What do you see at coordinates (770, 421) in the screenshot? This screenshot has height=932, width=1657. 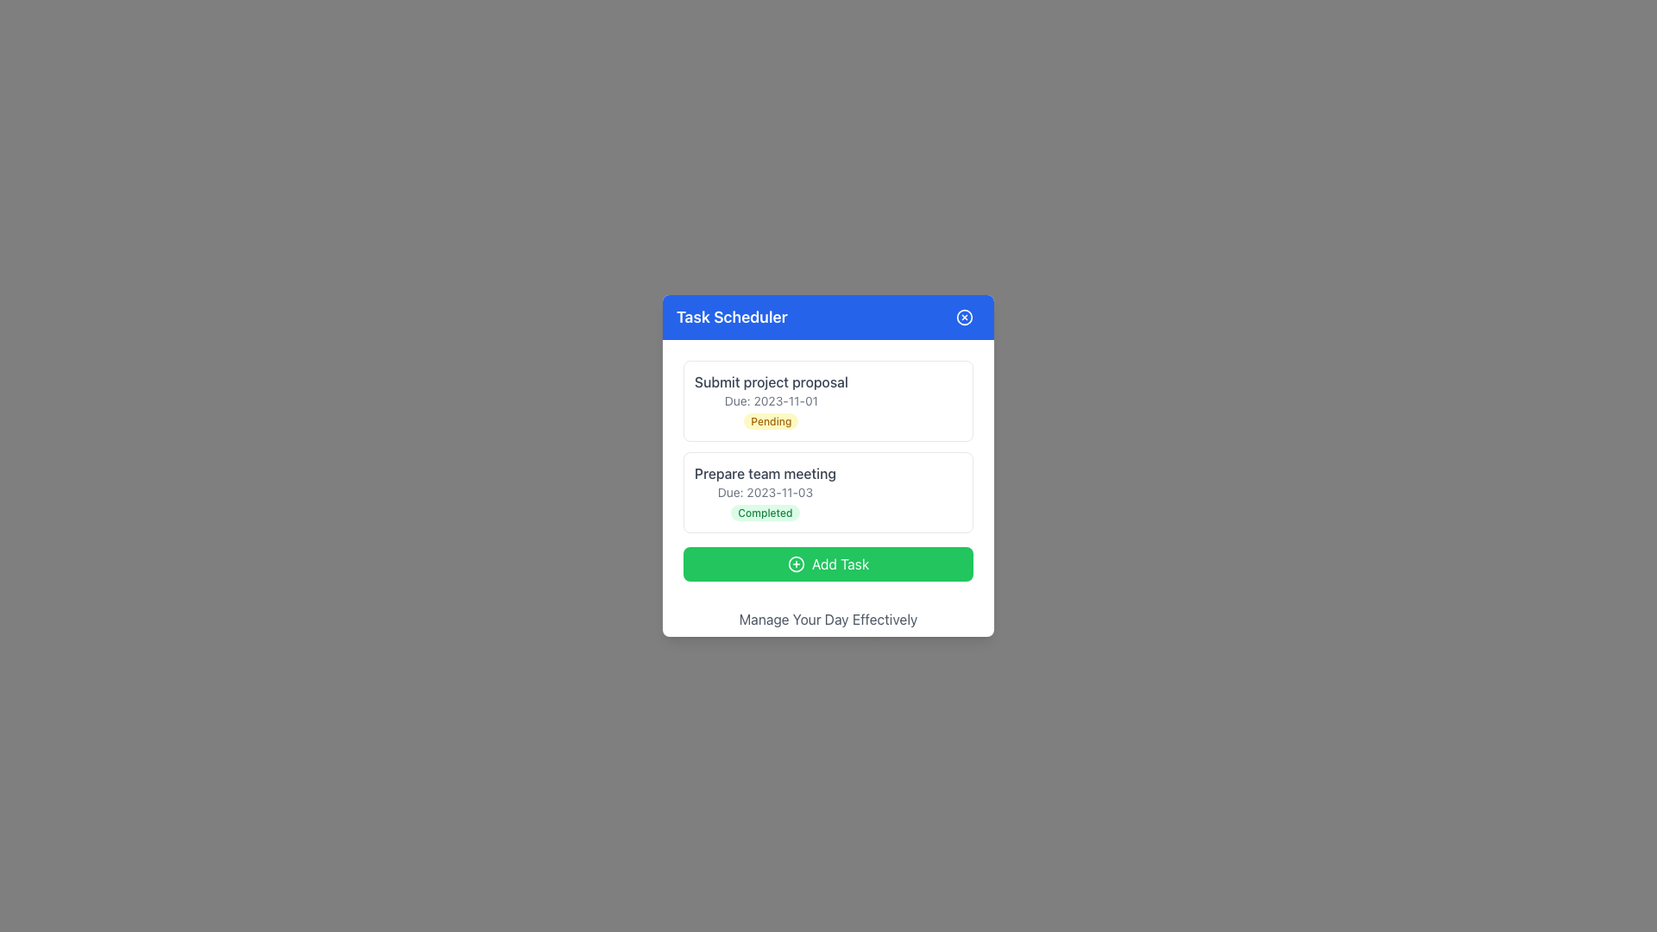 I see `text displayed on the 'Pending' status badge located in the bottom-right portion of the 'Submit project proposal' task box, centered under the 'Due: 2023-11-01' text` at bounding box center [770, 421].